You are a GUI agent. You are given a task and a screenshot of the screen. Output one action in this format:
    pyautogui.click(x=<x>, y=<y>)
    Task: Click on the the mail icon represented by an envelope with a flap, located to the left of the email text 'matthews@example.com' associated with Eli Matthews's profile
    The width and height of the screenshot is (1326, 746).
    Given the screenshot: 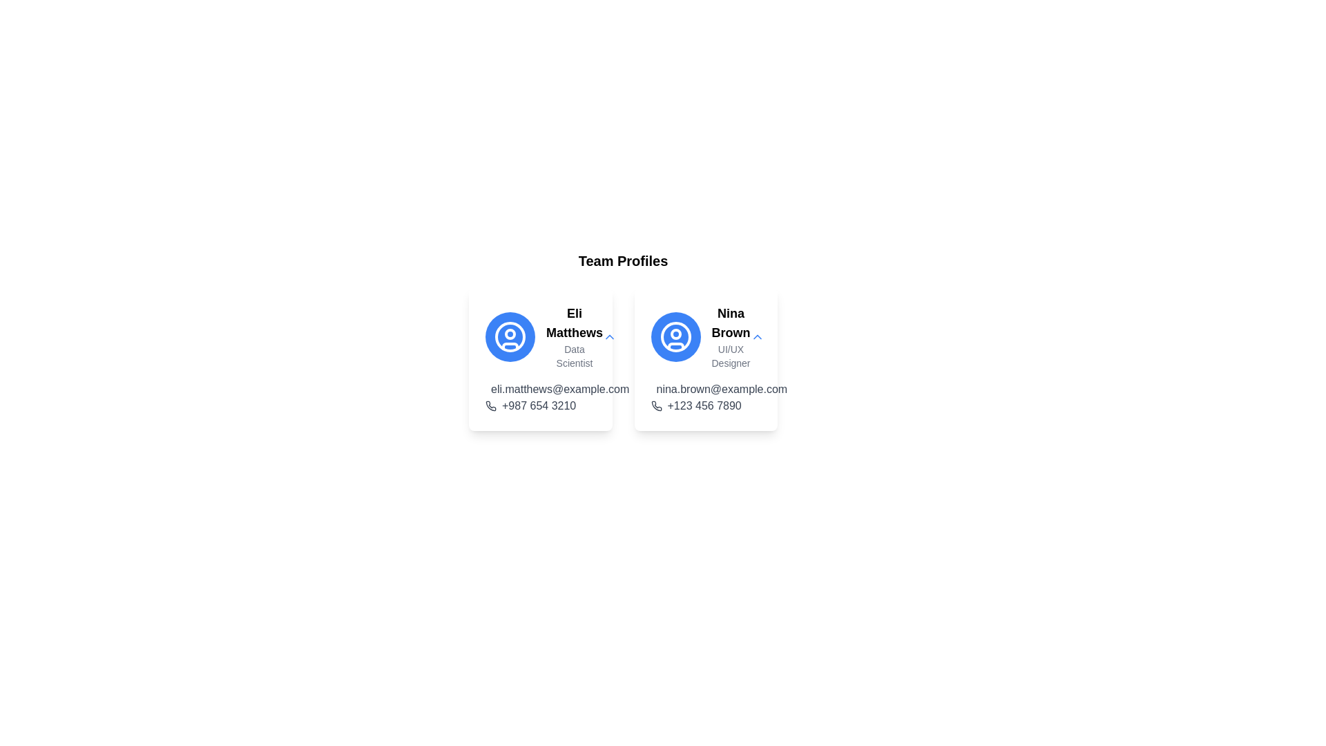 What is the action you would take?
    pyautogui.click(x=494, y=390)
    